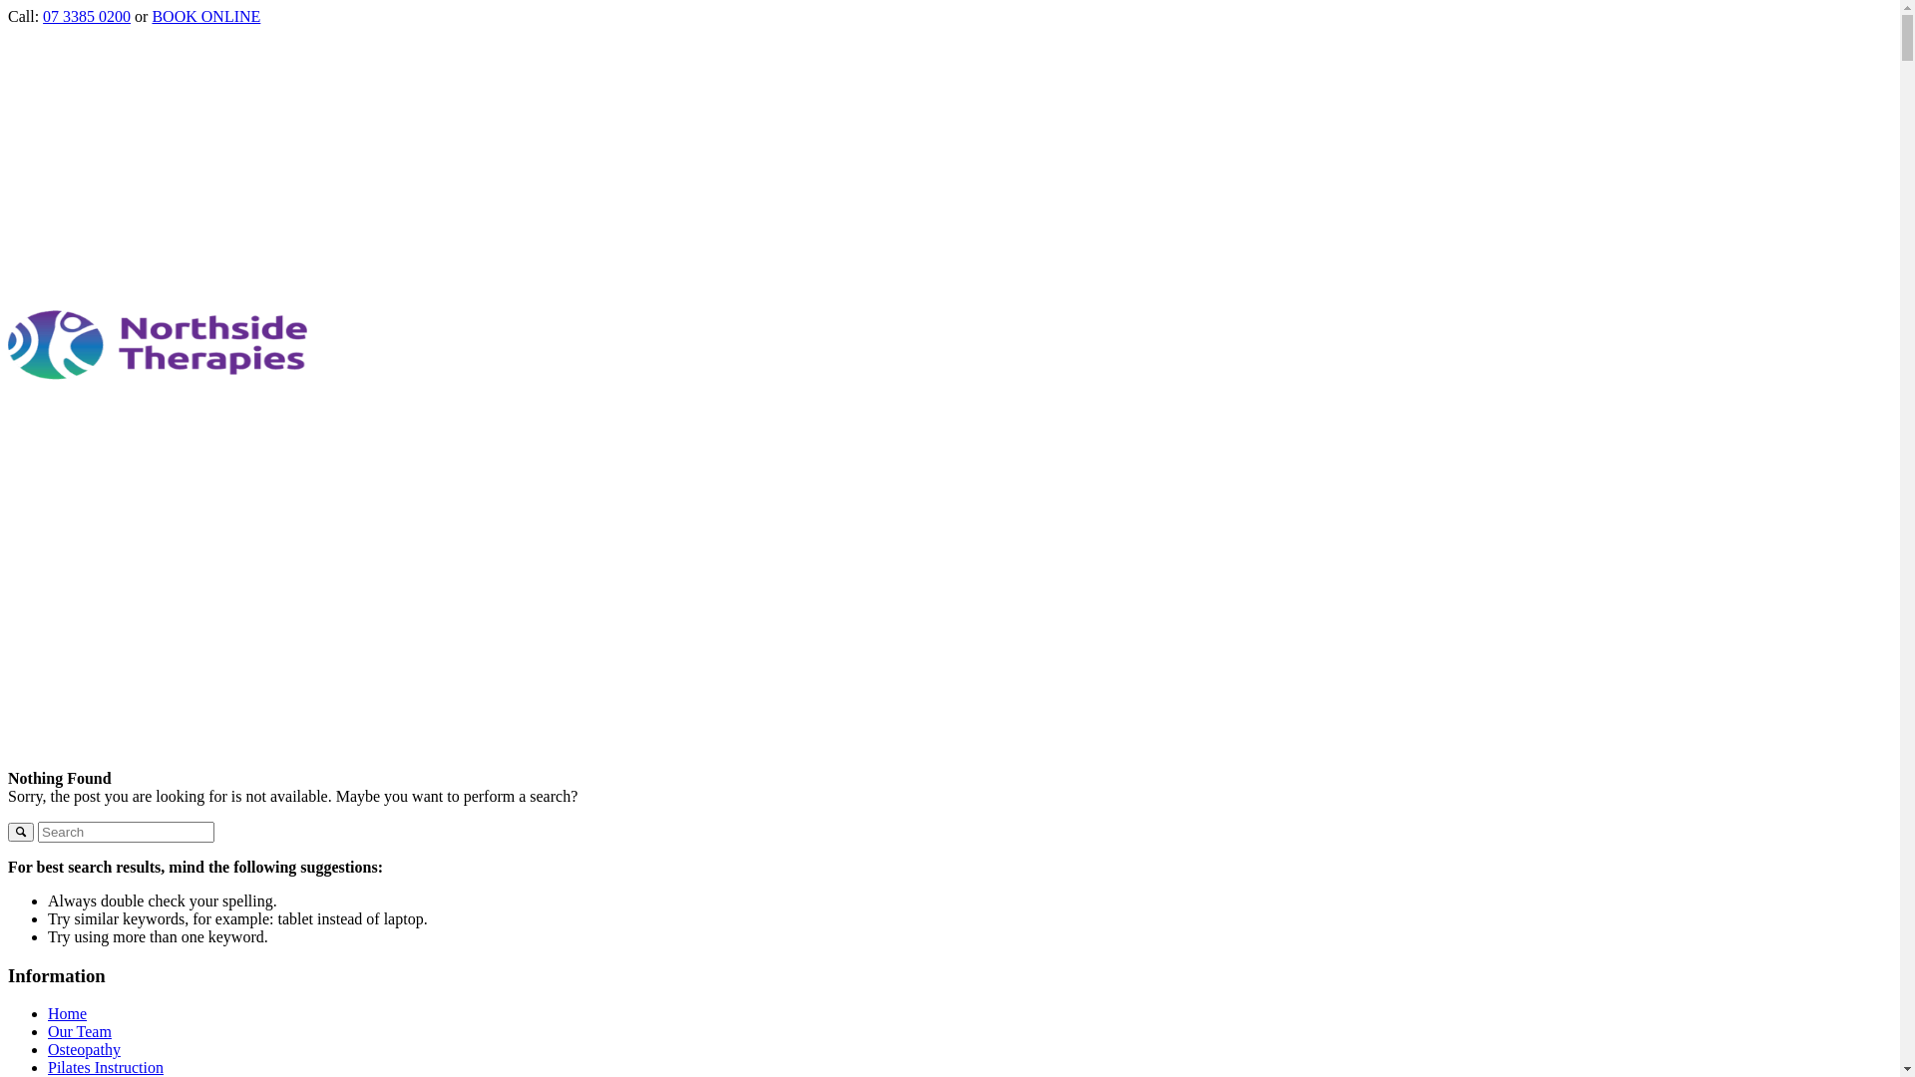 This screenshot has width=1915, height=1077. Describe the element at coordinates (104, 1066) in the screenshot. I see `'Pilates Instruction'` at that location.